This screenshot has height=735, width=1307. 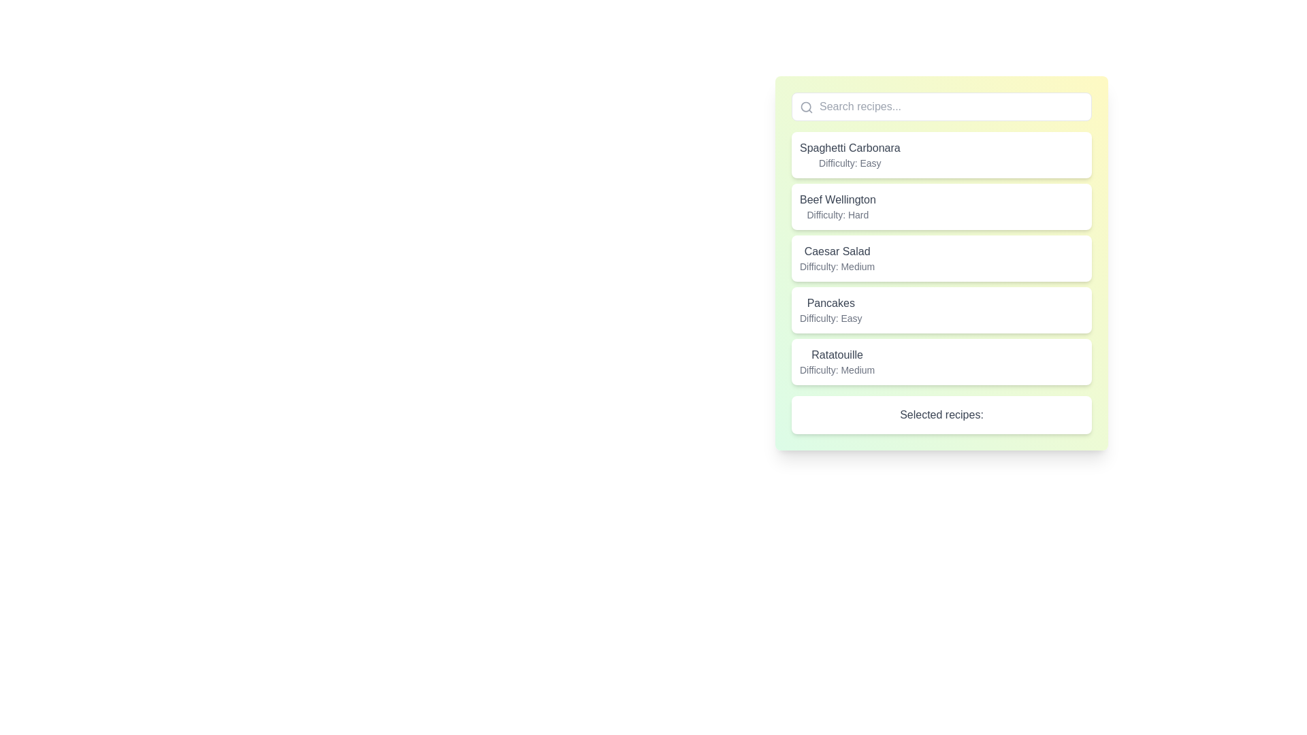 What do you see at coordinates (837, 267) in the screenshot?
I see `the text label indicating the difficulty level of the recipe, located in the third card of the recipe list, below 'Caesar Salad'` at bounding box center [837, 267].